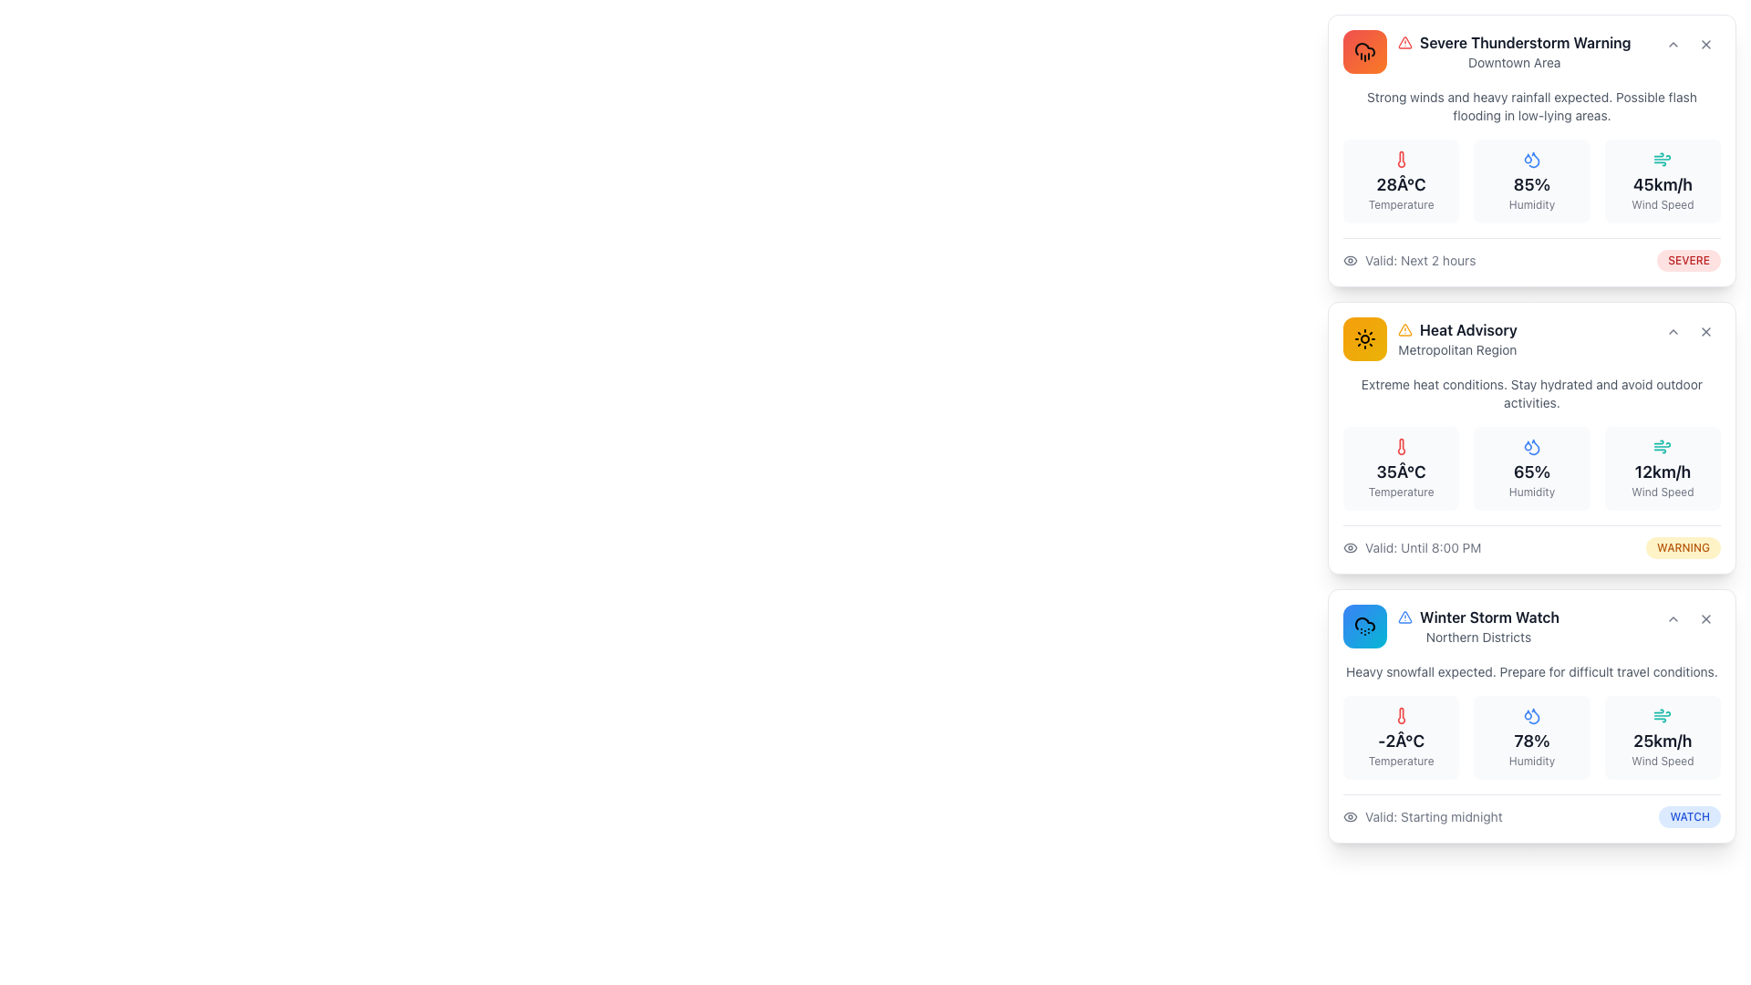  What do you see at coordinates (1532, 181) in the screenshot?
I see `the humidity informational card located in the second column of the grid layout within the 'Severe Thunderstorm Warning' card at the top of the display` at bounding box center [1532, 181].